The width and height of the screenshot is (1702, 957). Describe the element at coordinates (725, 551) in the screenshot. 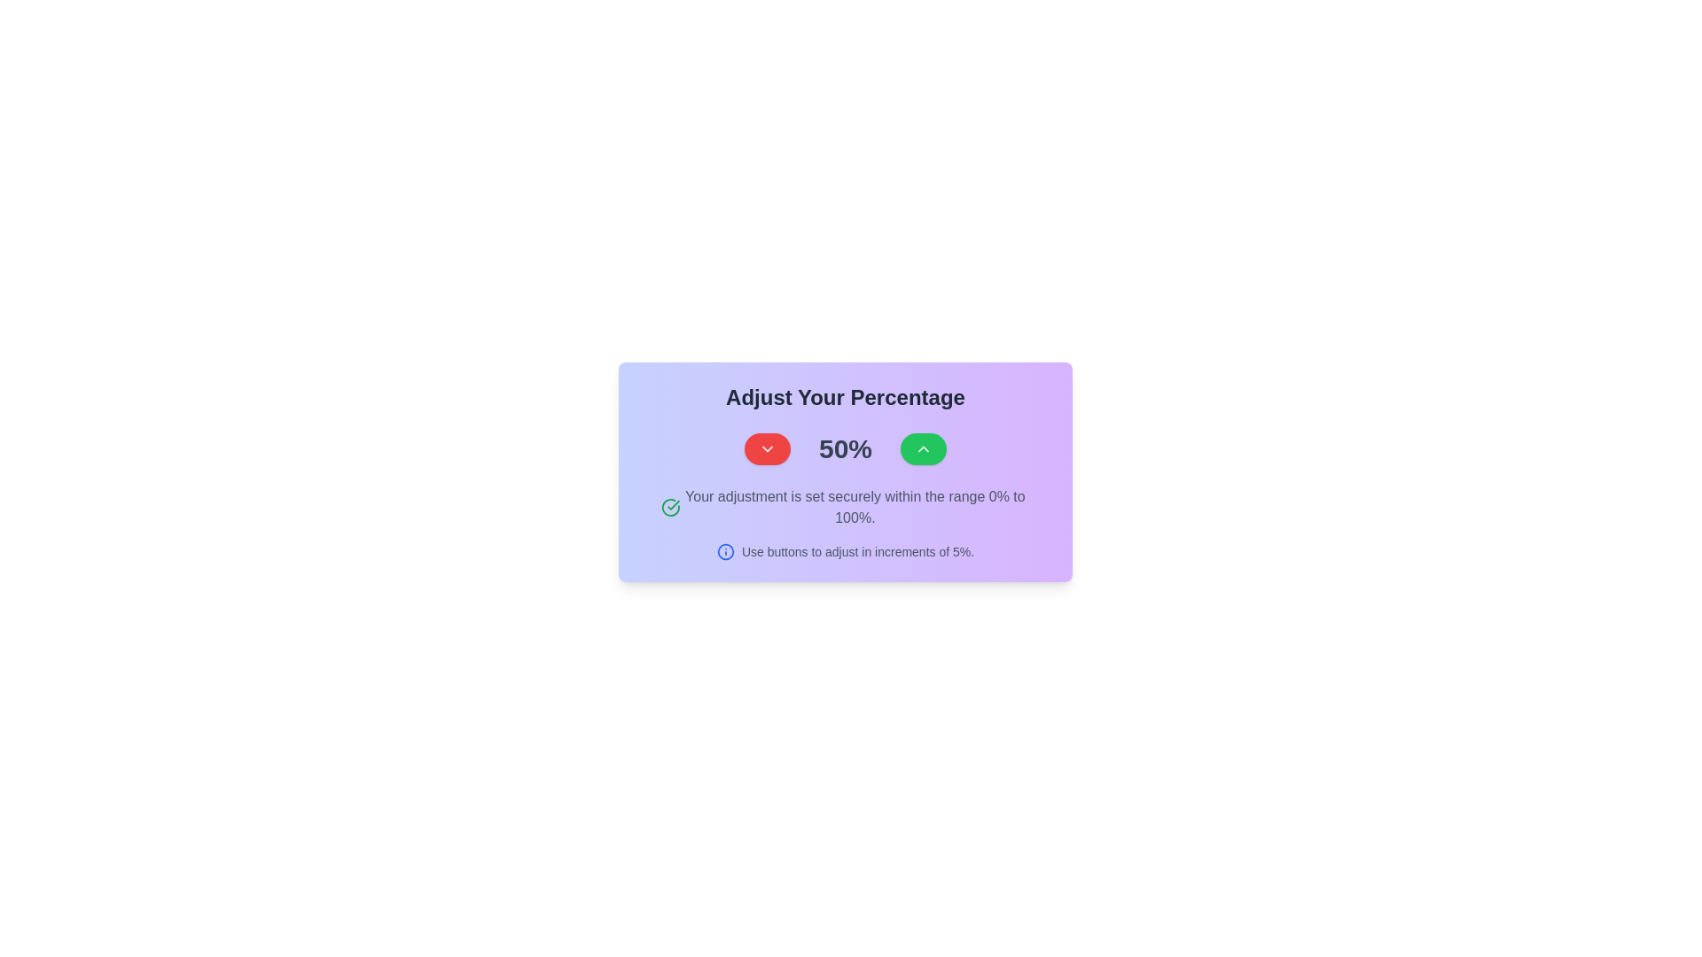

I see `the circular graphical element that serves as a visual representation in the bottom-left text section of the card widget describing adjustment instructions` at that location.